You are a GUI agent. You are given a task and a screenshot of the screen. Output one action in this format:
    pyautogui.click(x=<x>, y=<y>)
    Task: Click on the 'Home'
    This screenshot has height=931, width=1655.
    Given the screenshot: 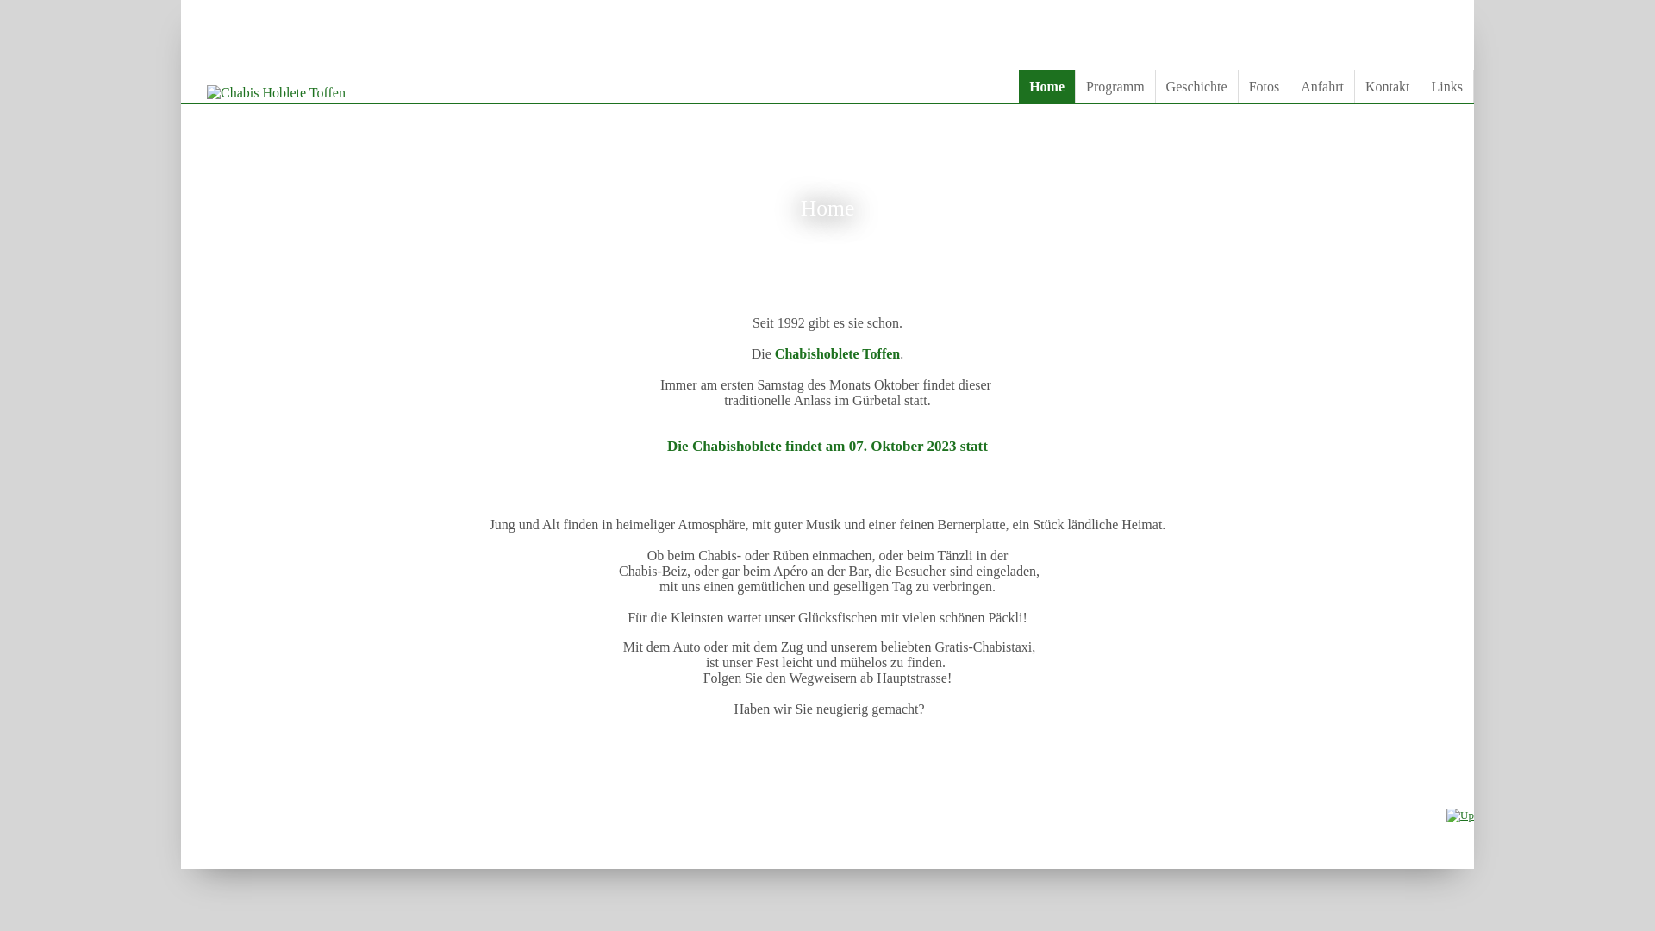 What is the action you would take?
    pyautogui.click(x=1046, y=86)
    